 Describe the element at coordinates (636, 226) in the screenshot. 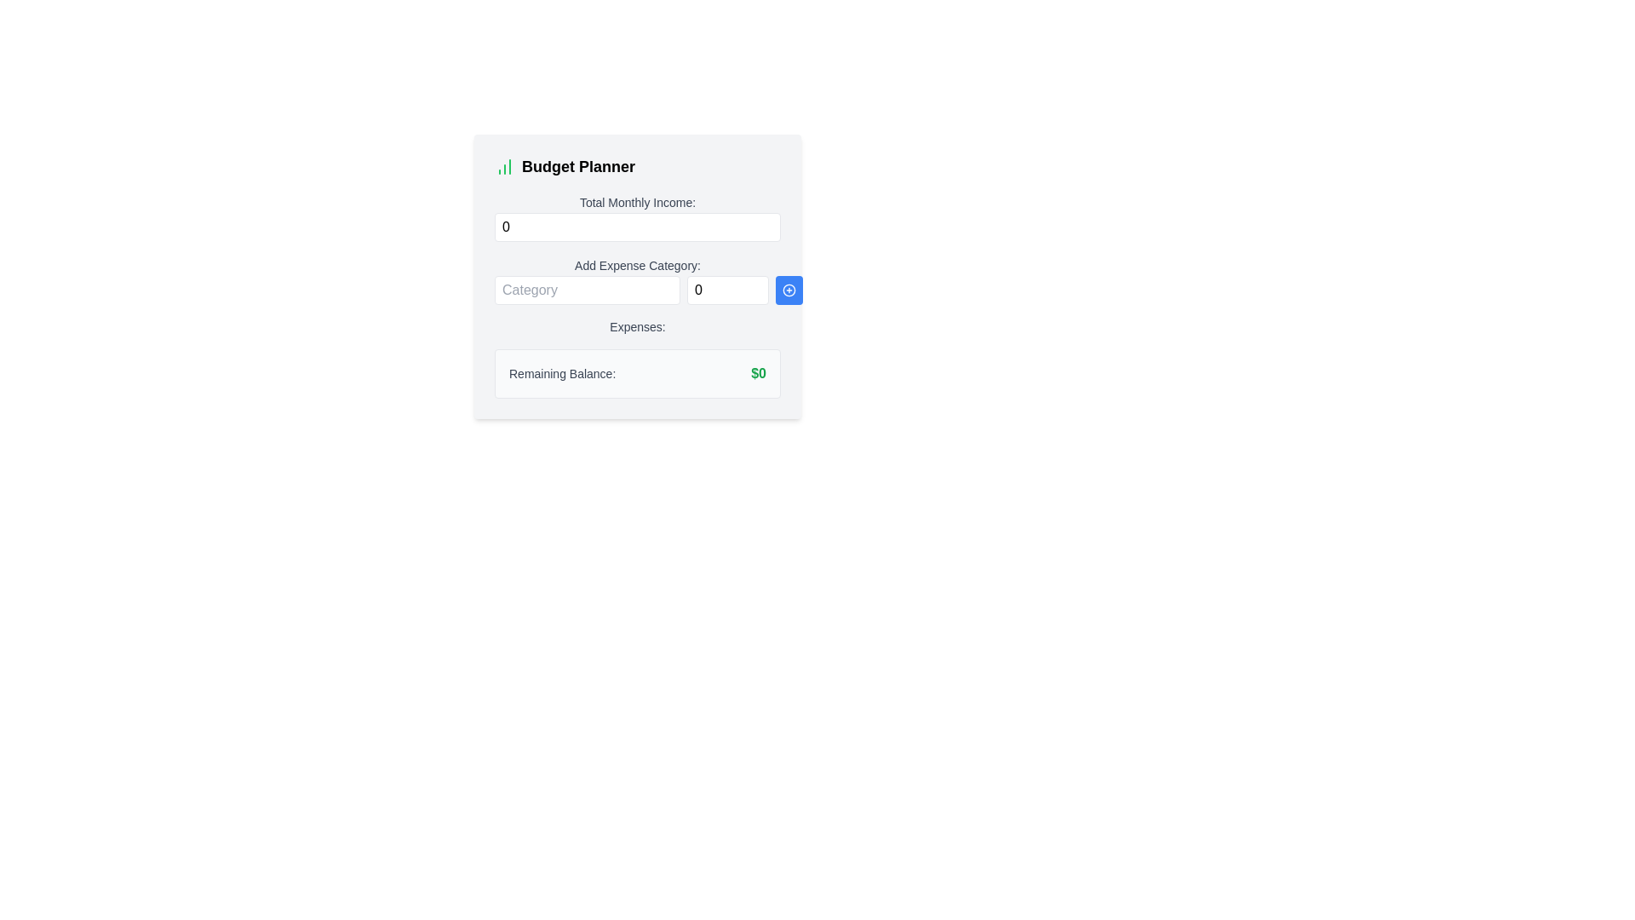

I see `the input field for 'Total Monthly Income:'` at that location.